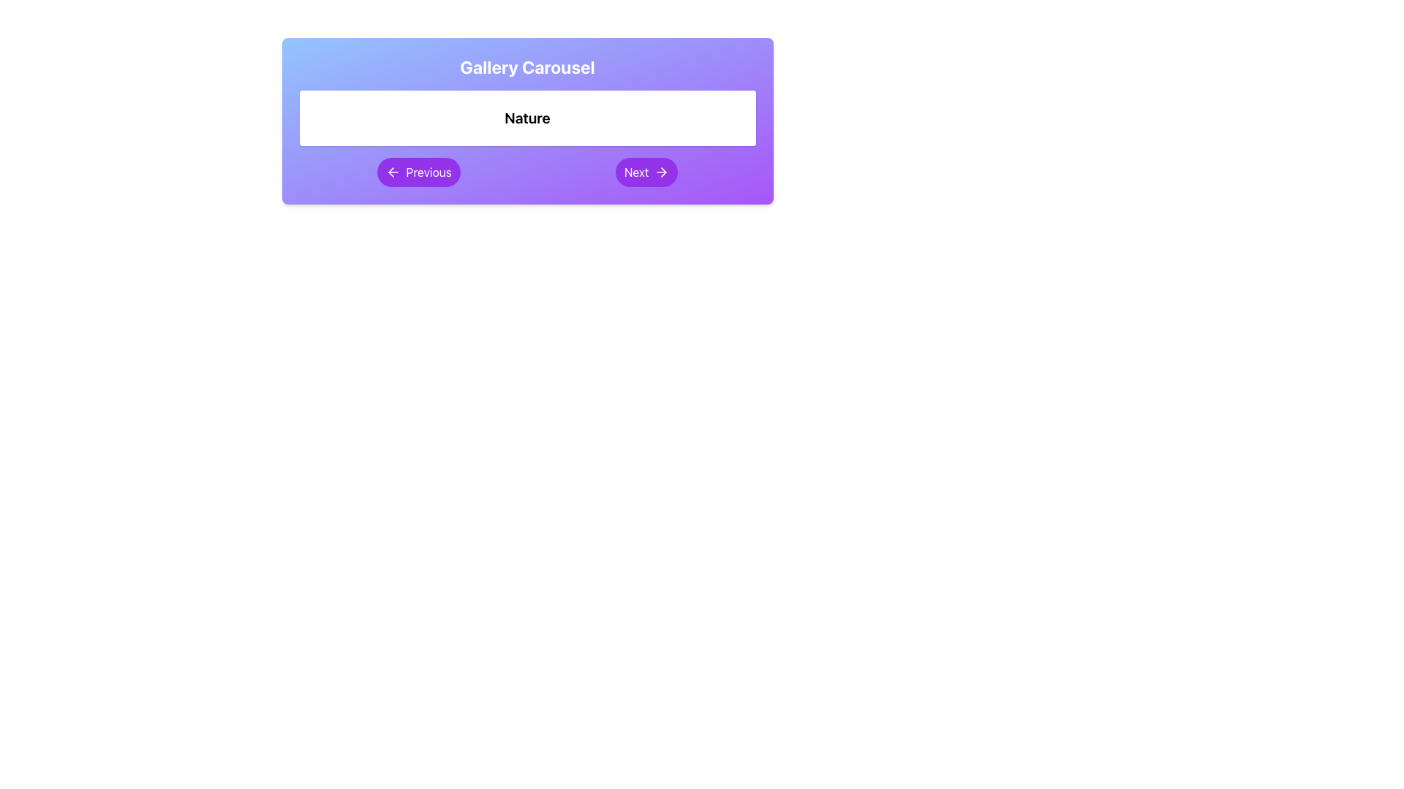 Image resolution: width=1404 pixels, height=789 pixels. I want to click on the left arrow icon within the purple 'Previous' button located beneath the 'Nature' section, so click(393, 171).